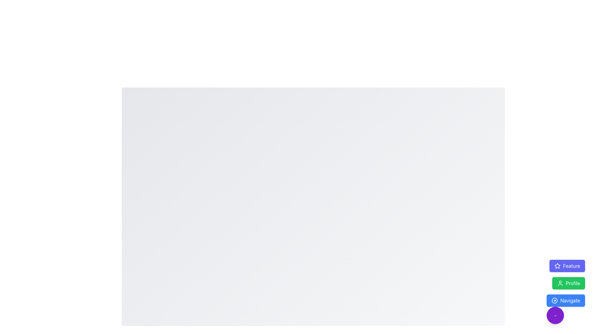  Describe the element at coordinates (557, 265) in the screenshot. I see `the star-shaped icon with an outlined design, located near the top of the interactive button labeled 'Feature'` at that location.